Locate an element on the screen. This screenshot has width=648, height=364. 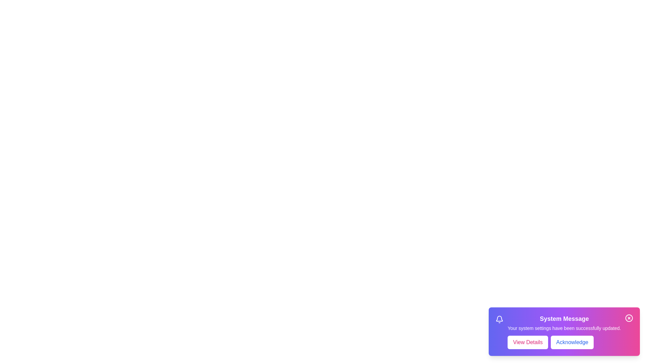
the close button of the notification to dismiss it is located at coordinates (628, 318).